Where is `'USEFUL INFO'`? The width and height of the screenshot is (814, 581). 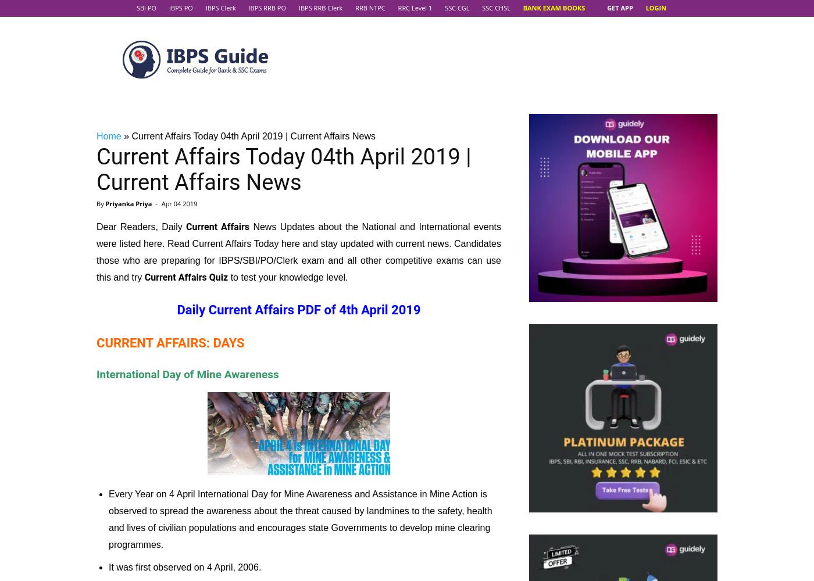
'USEFUL INFO' is located at coordinates (298, 318).